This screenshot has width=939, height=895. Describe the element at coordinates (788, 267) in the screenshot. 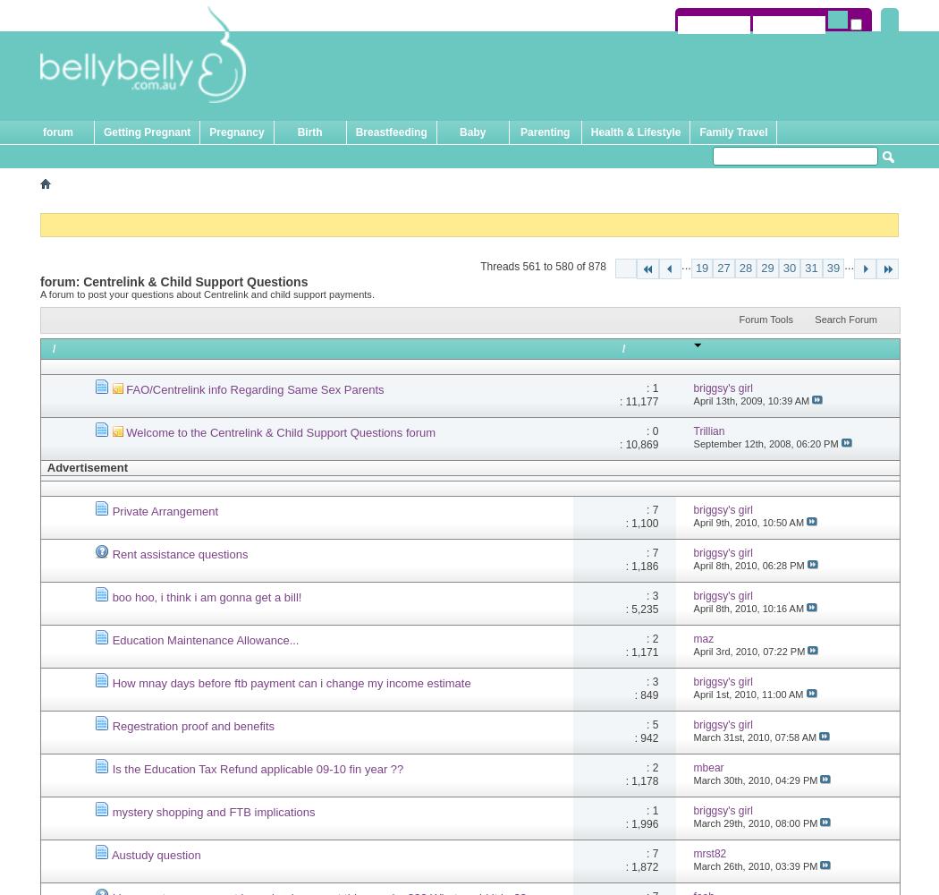

I see `'30'` at that location.